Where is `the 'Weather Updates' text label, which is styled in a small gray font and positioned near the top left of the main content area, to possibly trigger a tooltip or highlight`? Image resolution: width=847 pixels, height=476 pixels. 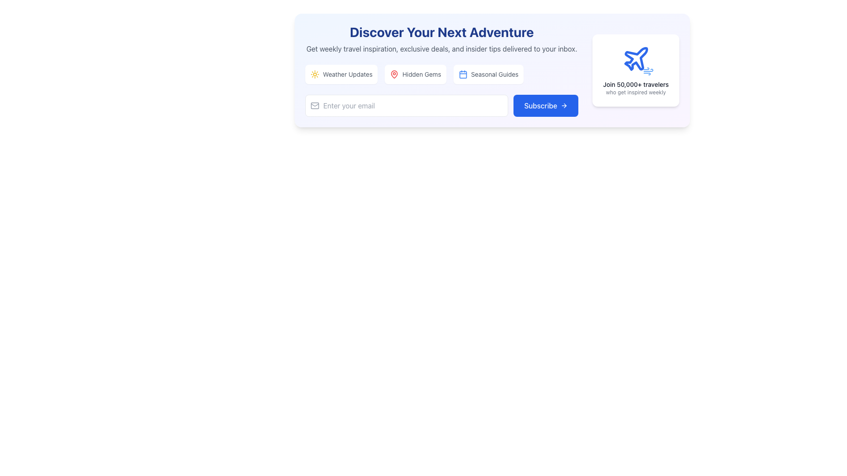 the 'Weather Updates' text label, which is styled in a small gray font and positioned near the top left of the main content area, to possibly trigger a tooltip or highlight is located at coordinates (347, 74).